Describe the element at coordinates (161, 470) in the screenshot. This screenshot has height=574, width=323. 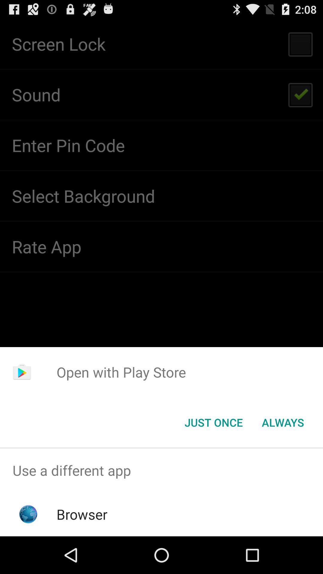
I see `the app above browser` at that location.